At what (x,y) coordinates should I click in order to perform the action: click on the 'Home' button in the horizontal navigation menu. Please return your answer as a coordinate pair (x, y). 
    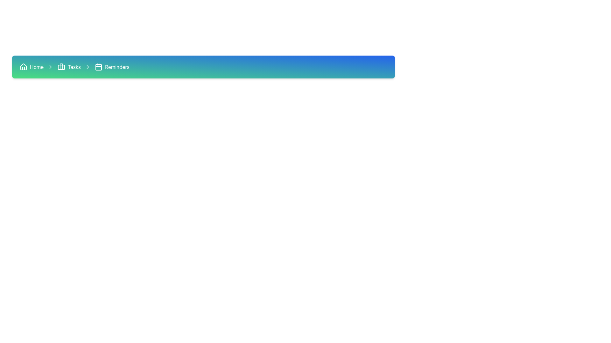
    Looking at the image, I should click on (31, 67).